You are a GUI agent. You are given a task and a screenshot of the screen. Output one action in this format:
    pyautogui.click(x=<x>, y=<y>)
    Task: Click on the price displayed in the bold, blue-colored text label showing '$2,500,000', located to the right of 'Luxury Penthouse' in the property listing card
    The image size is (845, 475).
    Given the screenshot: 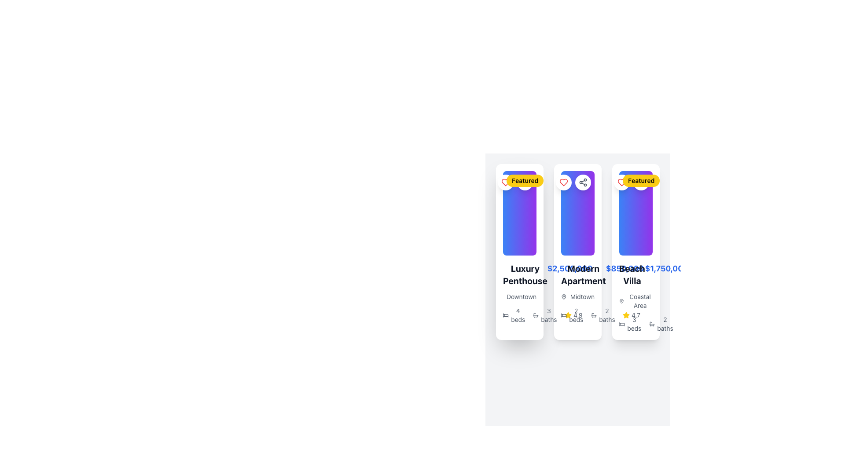 What is the action you would take?
    pyautogui.click(x=570, y=268)
    